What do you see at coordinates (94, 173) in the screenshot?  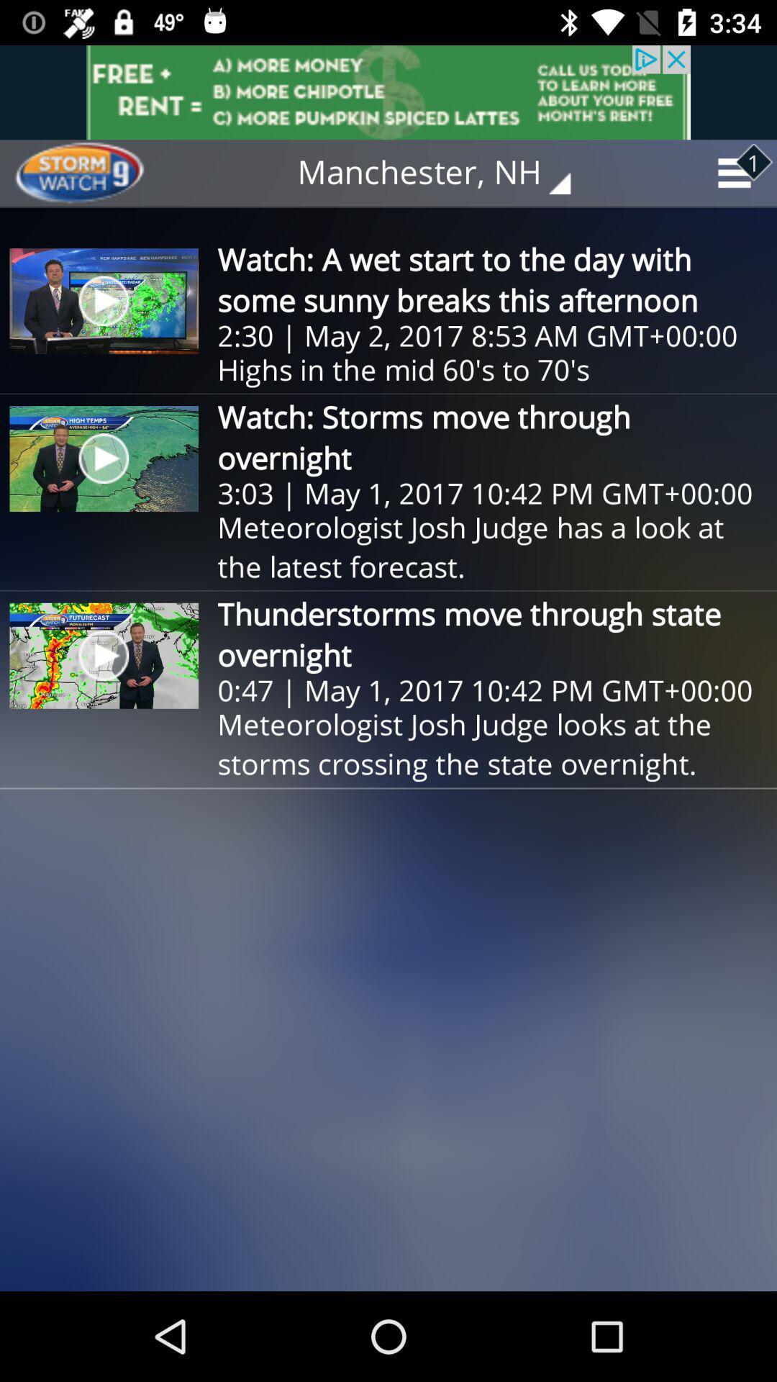 I see `icon to the left of the manchester, nh item` at bounding box center [94, 173].